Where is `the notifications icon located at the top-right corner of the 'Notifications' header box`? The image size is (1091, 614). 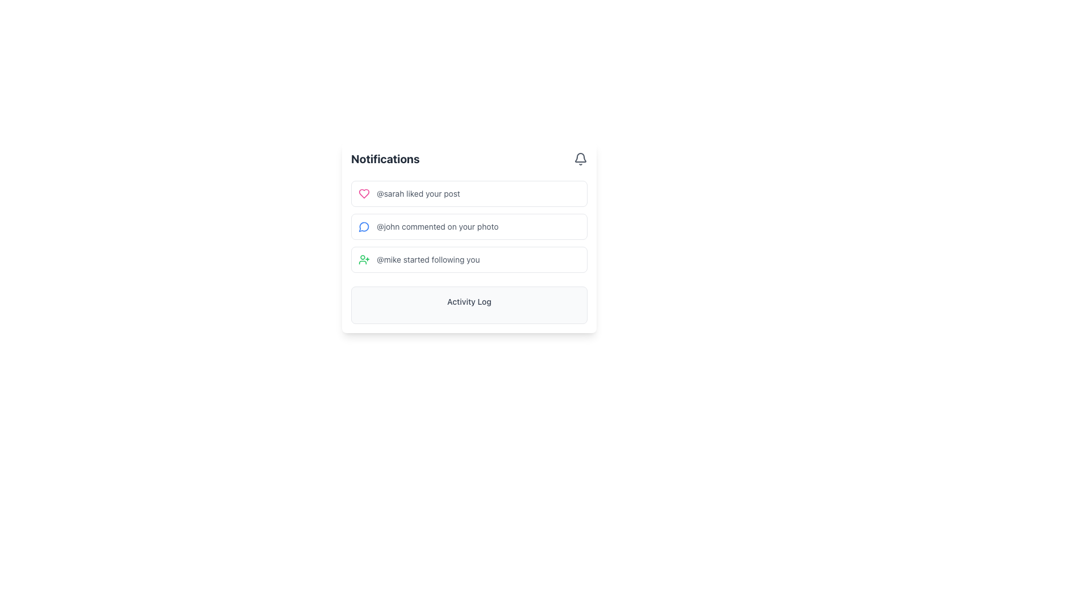
the notifications icon located at the top-right corner of the 'Notifications' header box is located at coordinates (581, 159).